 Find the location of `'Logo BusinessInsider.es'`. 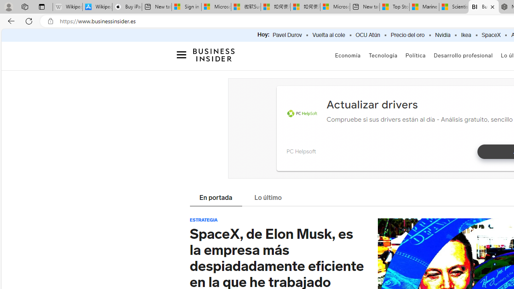

'Logo BusinessInsider.es' is located at coordinates (214, 57).